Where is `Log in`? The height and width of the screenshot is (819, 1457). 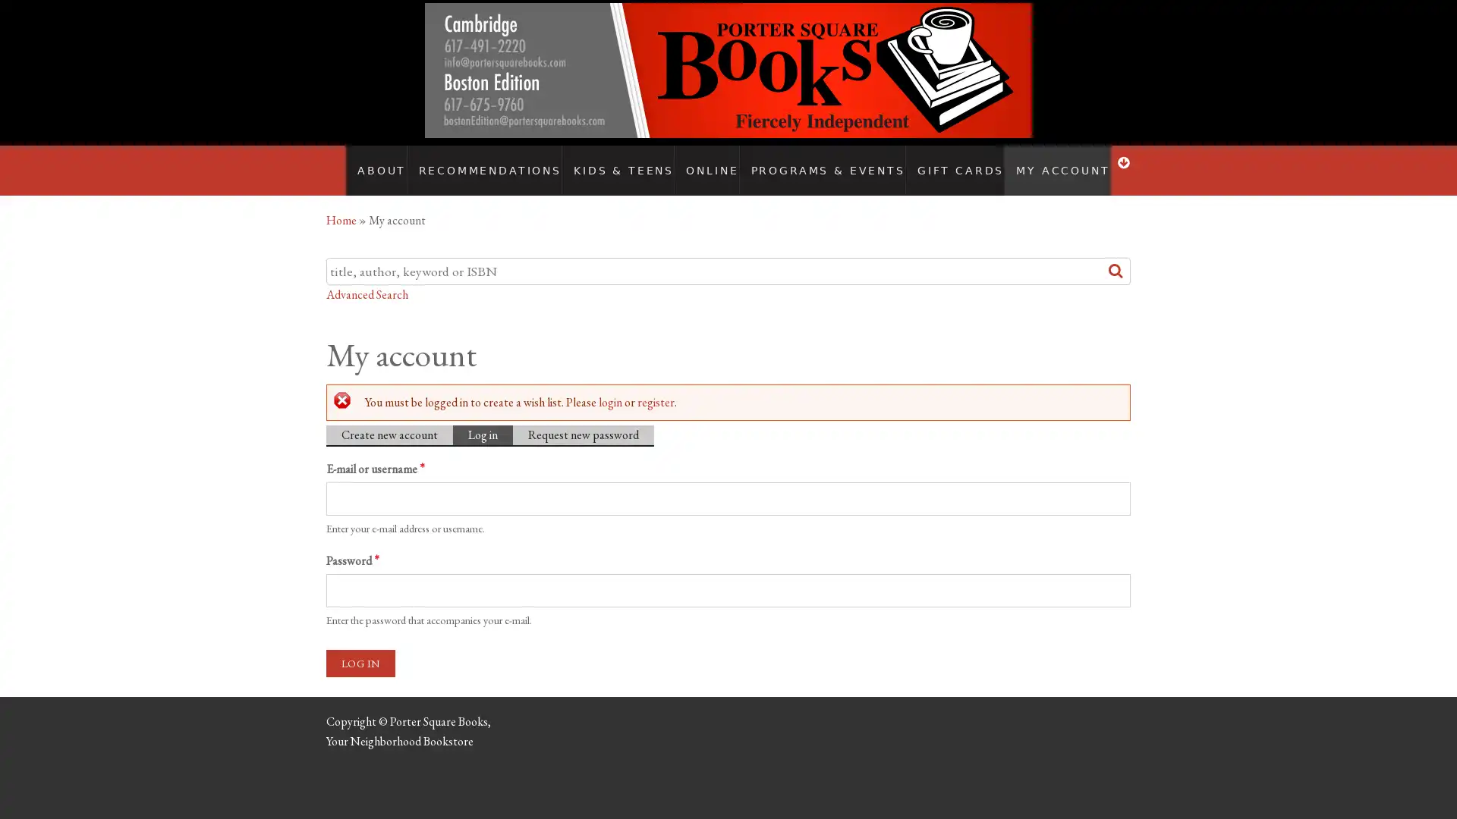
Log in is located at coordinates (360, 648).